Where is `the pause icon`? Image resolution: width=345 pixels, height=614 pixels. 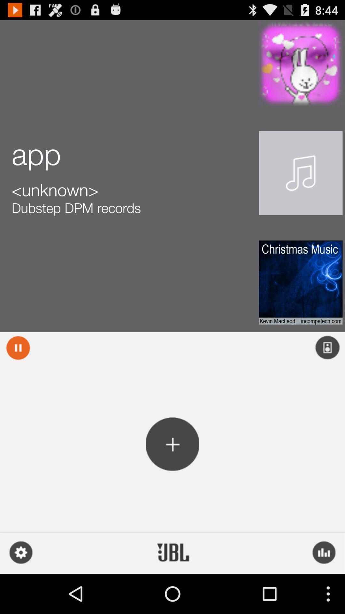 the pause icon is located at coordinates (18, 372).